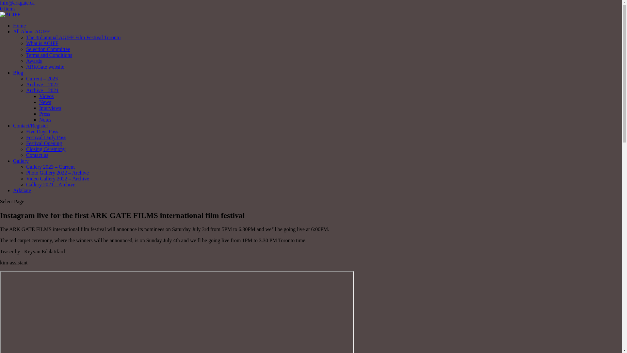 Image resolution: width=627 pixels, height=353 pixels. What do you see at coordinates (21, 161) in the screenshot?
I see `'Gallery'` at bounding box center [21, 161].